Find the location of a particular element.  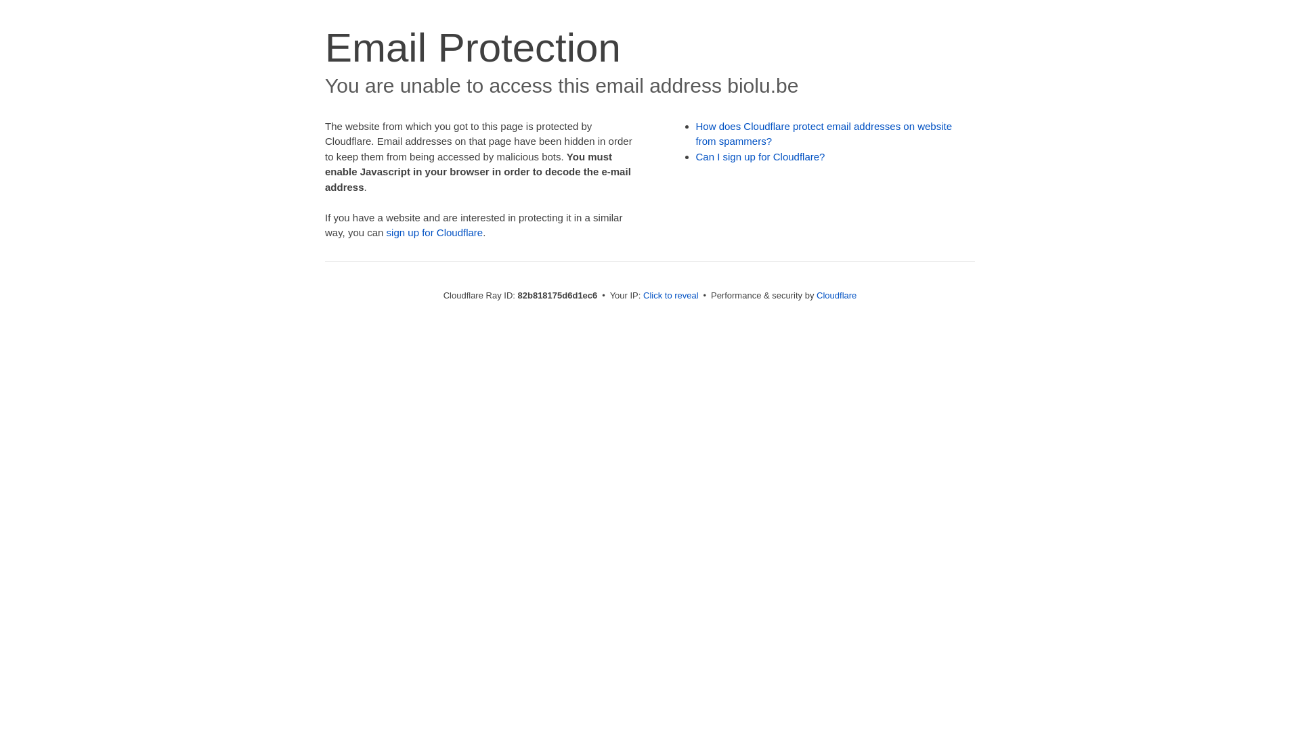

'sign up for Cloudflare' is located at coordinates (435, 231).